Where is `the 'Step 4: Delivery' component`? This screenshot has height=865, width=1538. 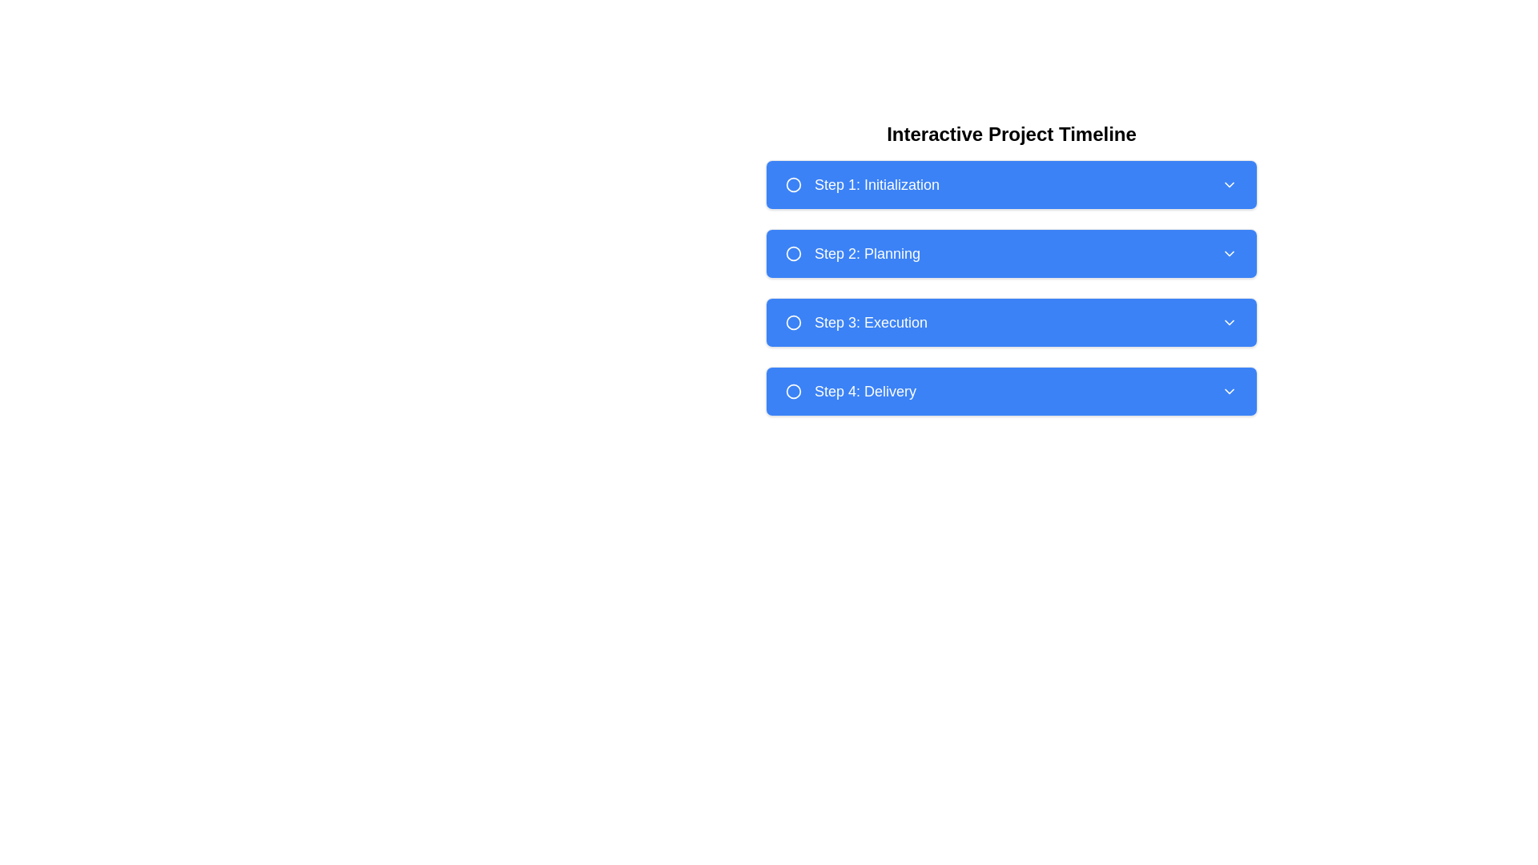
the 'Step 4: Delivery' component is located at coordinates (849, 392).